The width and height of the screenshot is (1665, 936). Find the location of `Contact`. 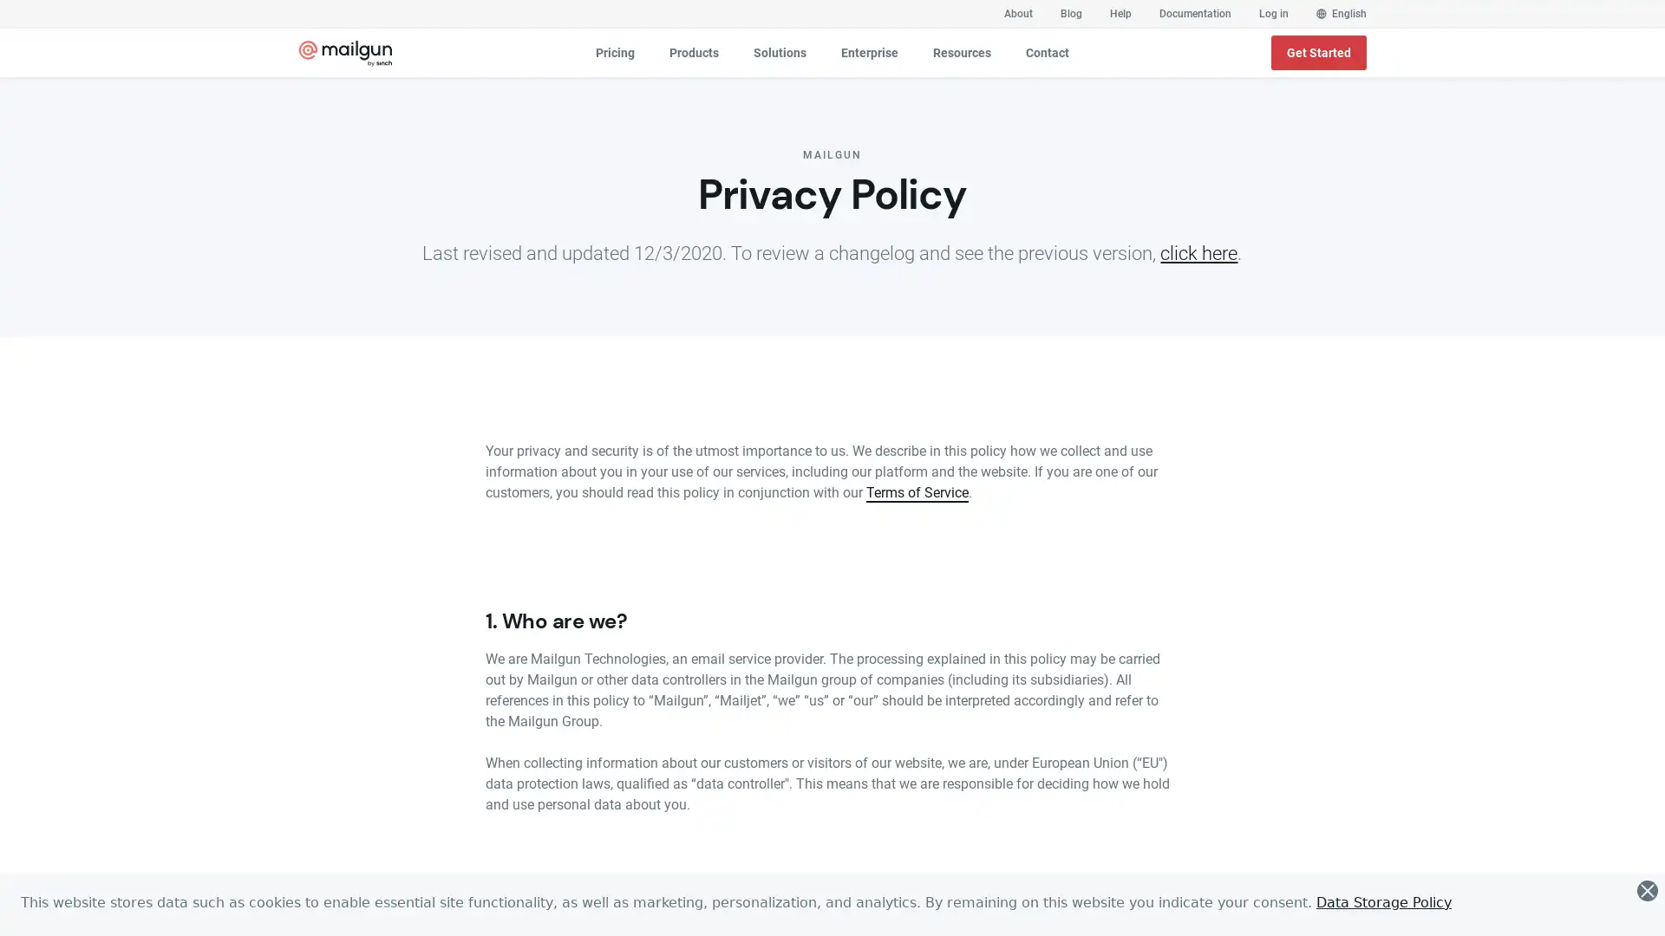

Contact is located at coordinates (1045, 52).